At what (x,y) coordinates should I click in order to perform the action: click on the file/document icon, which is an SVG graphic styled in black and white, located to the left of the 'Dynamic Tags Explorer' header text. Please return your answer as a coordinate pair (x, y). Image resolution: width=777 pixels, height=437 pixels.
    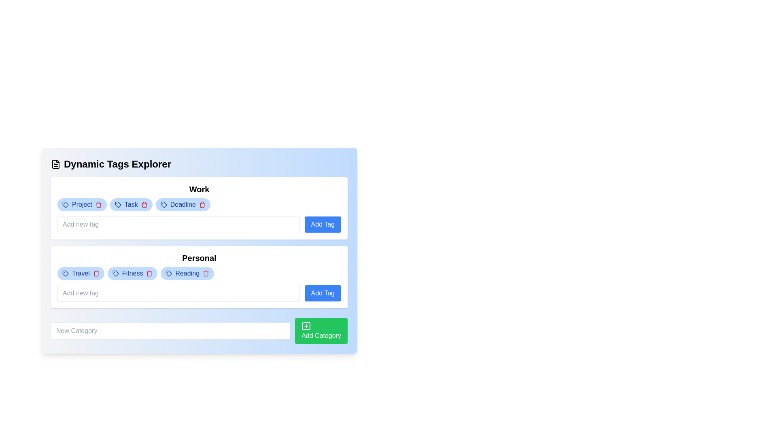
    Looking at the image, I should click on (55, 164).